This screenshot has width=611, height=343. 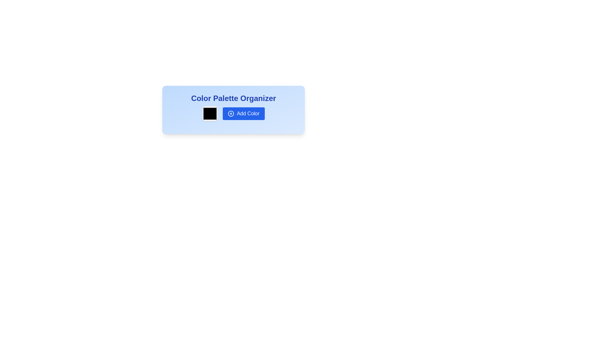 I want to click on the 'Add' graphical icon located at the center of the blue 'Add Color' button in the 'Color Palette Organizer' module, so click(x=231, y=113).